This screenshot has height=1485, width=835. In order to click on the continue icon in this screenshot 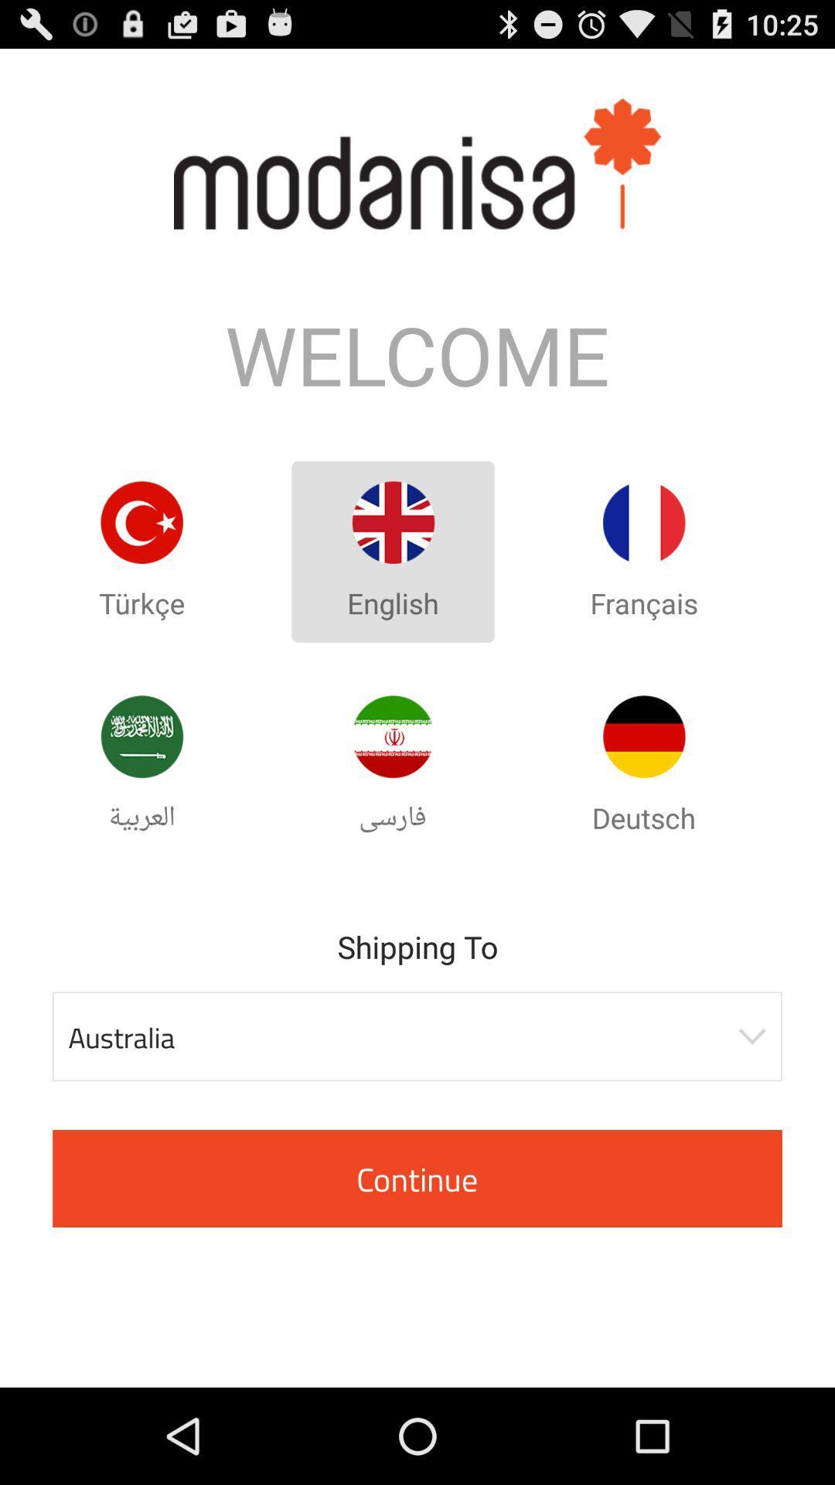, I will do `click(417, 1178)`.